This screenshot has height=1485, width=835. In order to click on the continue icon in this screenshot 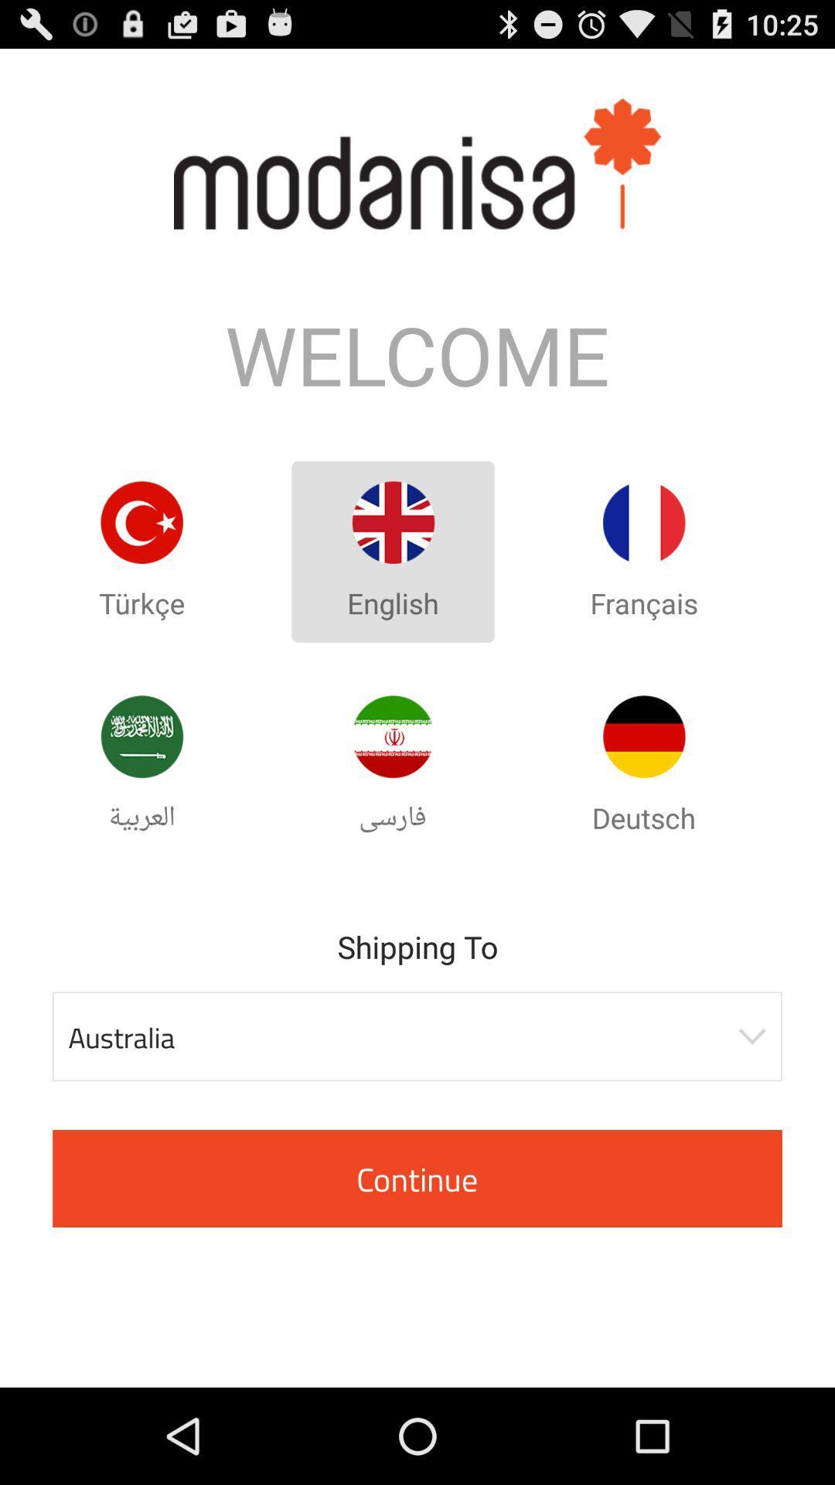, I will do `click(417, 1178)`.